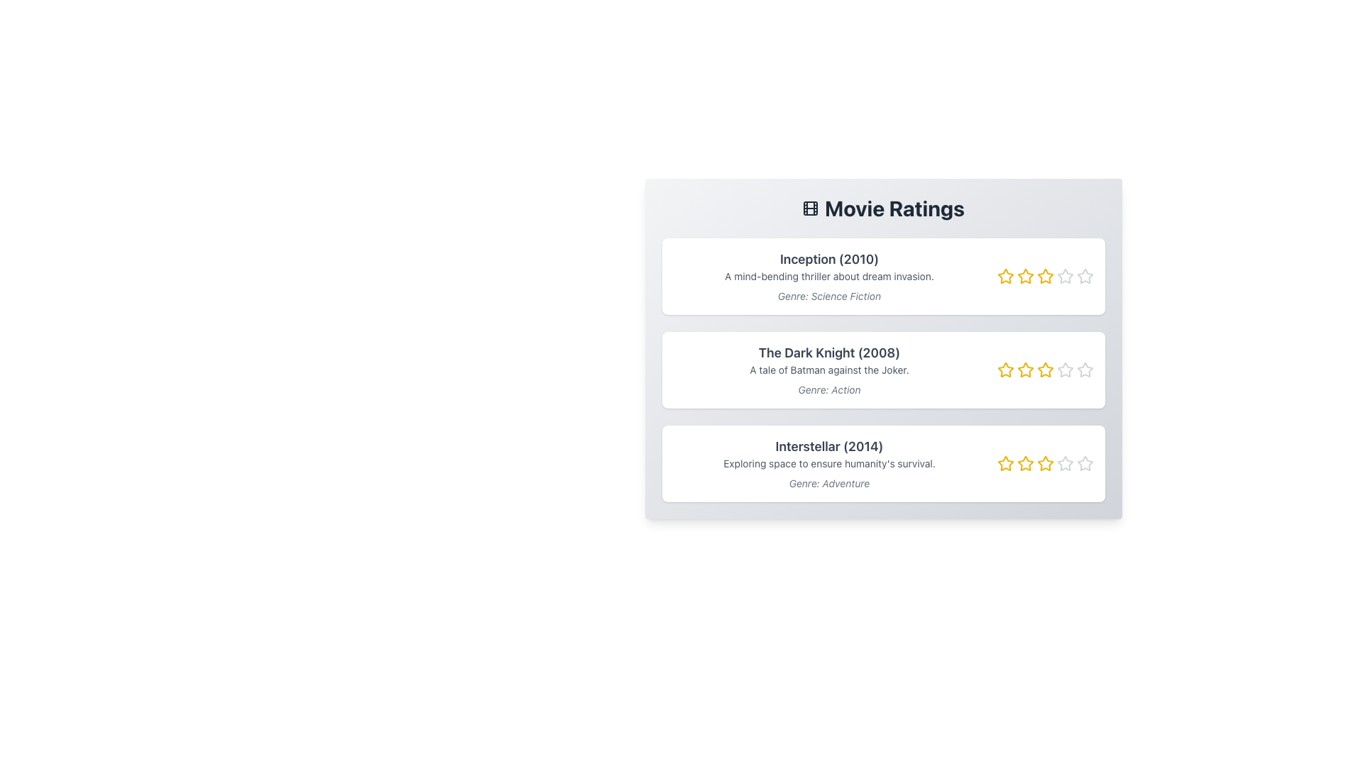 The width and height of the screenshot is (1363, 766). Describe the element at coordinates (1025, 276) in the screenshot. I see `the second rating star icon with a yellow outline, which indicates a selected rating for the movie 'Inception (2010)'` at that location.